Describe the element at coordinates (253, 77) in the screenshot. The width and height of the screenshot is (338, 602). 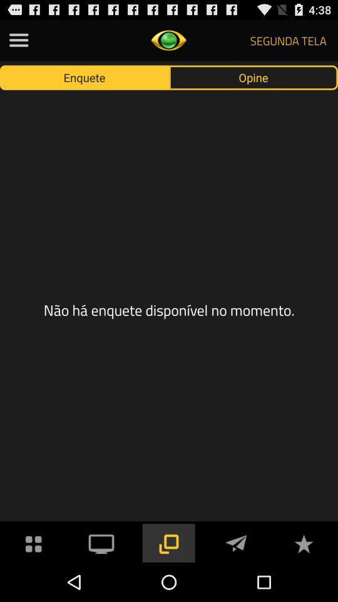
I see `the icon to the right of enquete item` at that location.